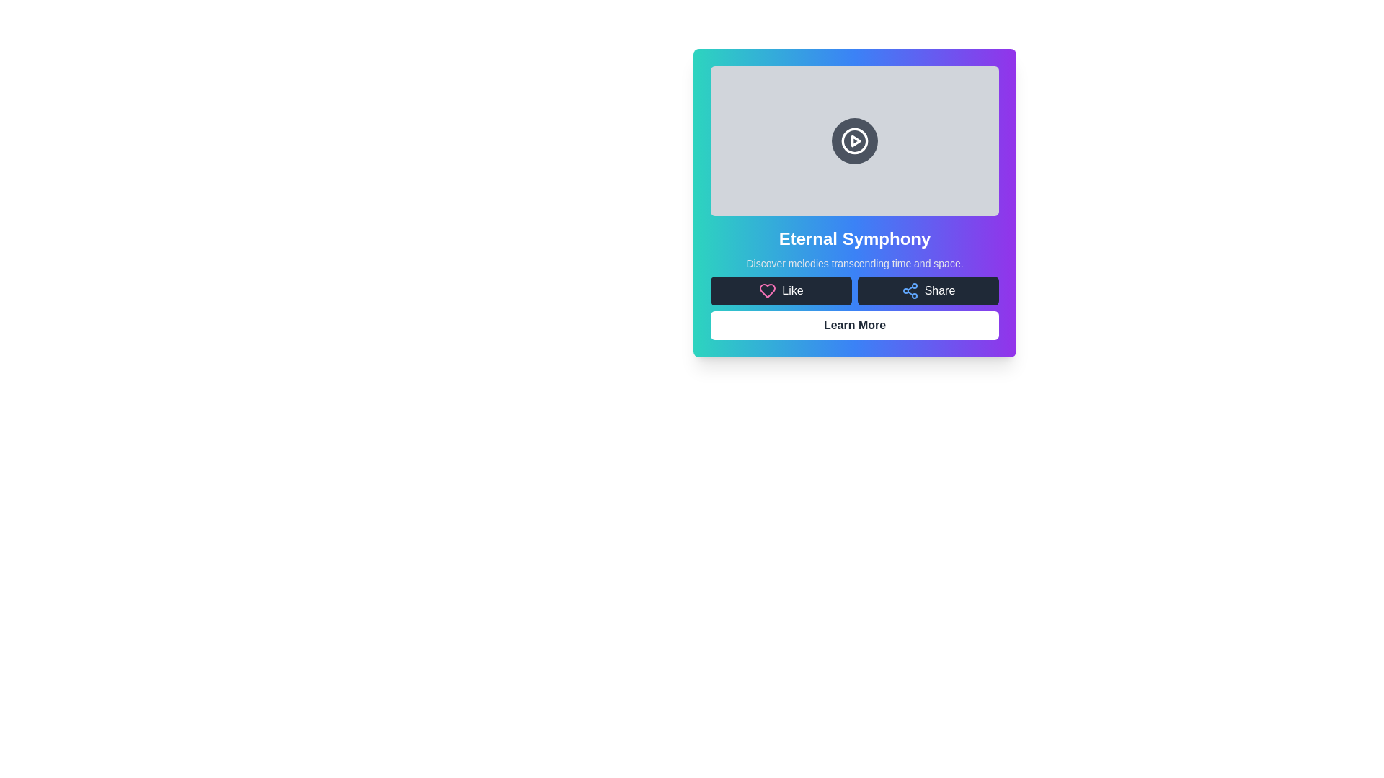 This screenshot has height=778, width=1384. Describe the element at coordinates (854, 264) in the screenshot. I see `Text Label displaying 'Discover melodies transcending time and space.' which is styled in small gray font, located below the title 'Eternal Symphony' and above the 'Like' and 'Share' buttons` at that location.